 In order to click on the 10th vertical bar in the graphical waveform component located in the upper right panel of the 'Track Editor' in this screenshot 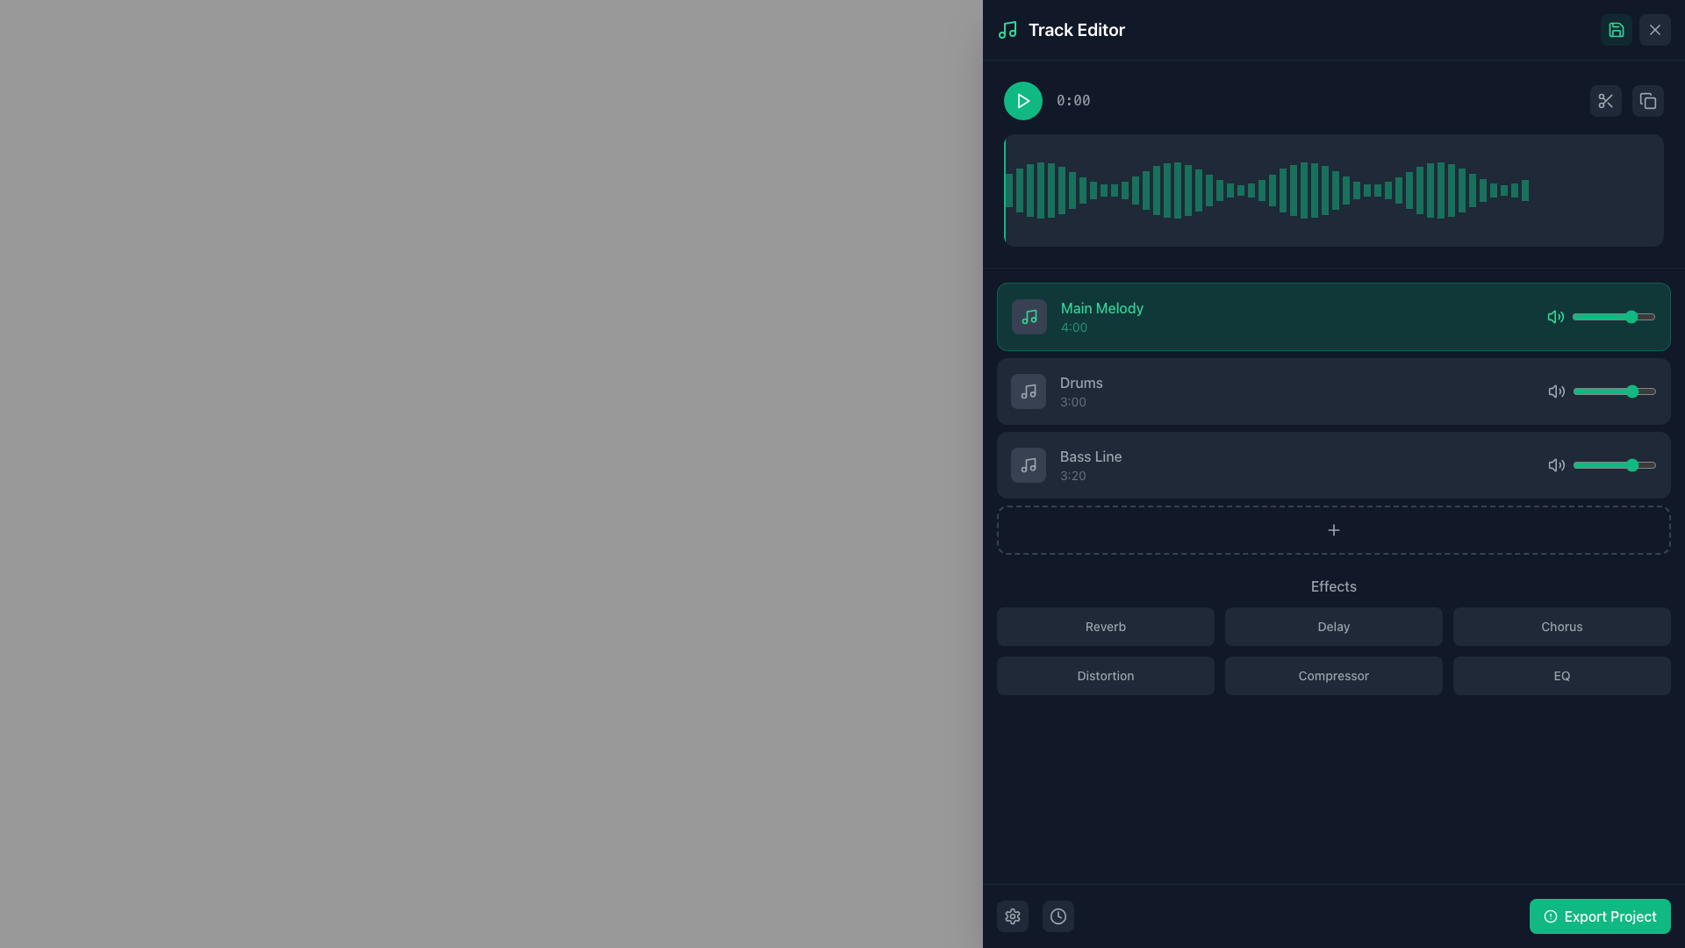, I will do `click(1102, 190)`.